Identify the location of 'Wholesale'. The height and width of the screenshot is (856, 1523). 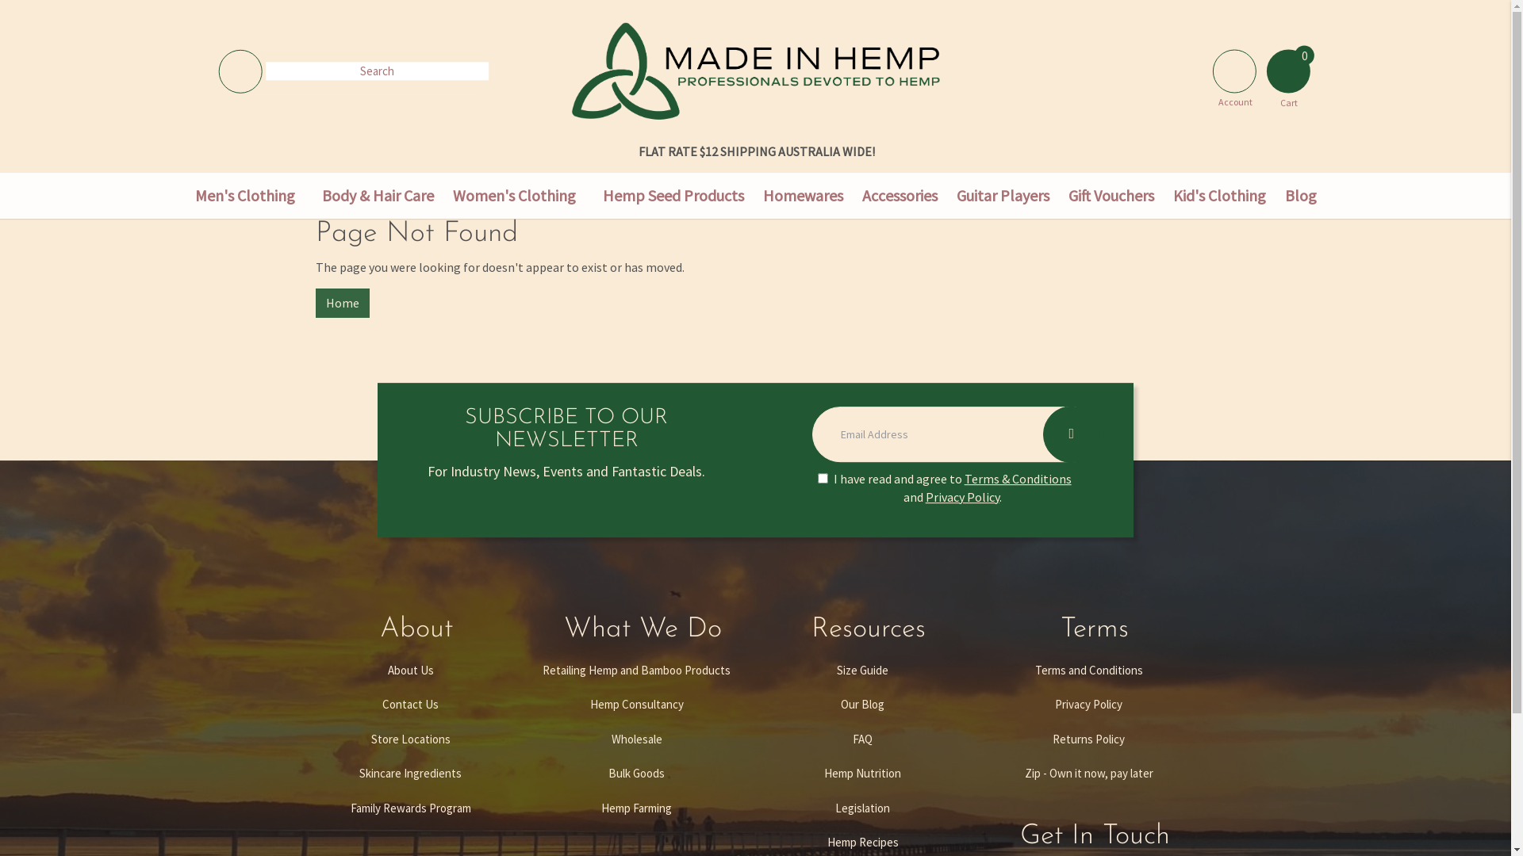
(636, 739).